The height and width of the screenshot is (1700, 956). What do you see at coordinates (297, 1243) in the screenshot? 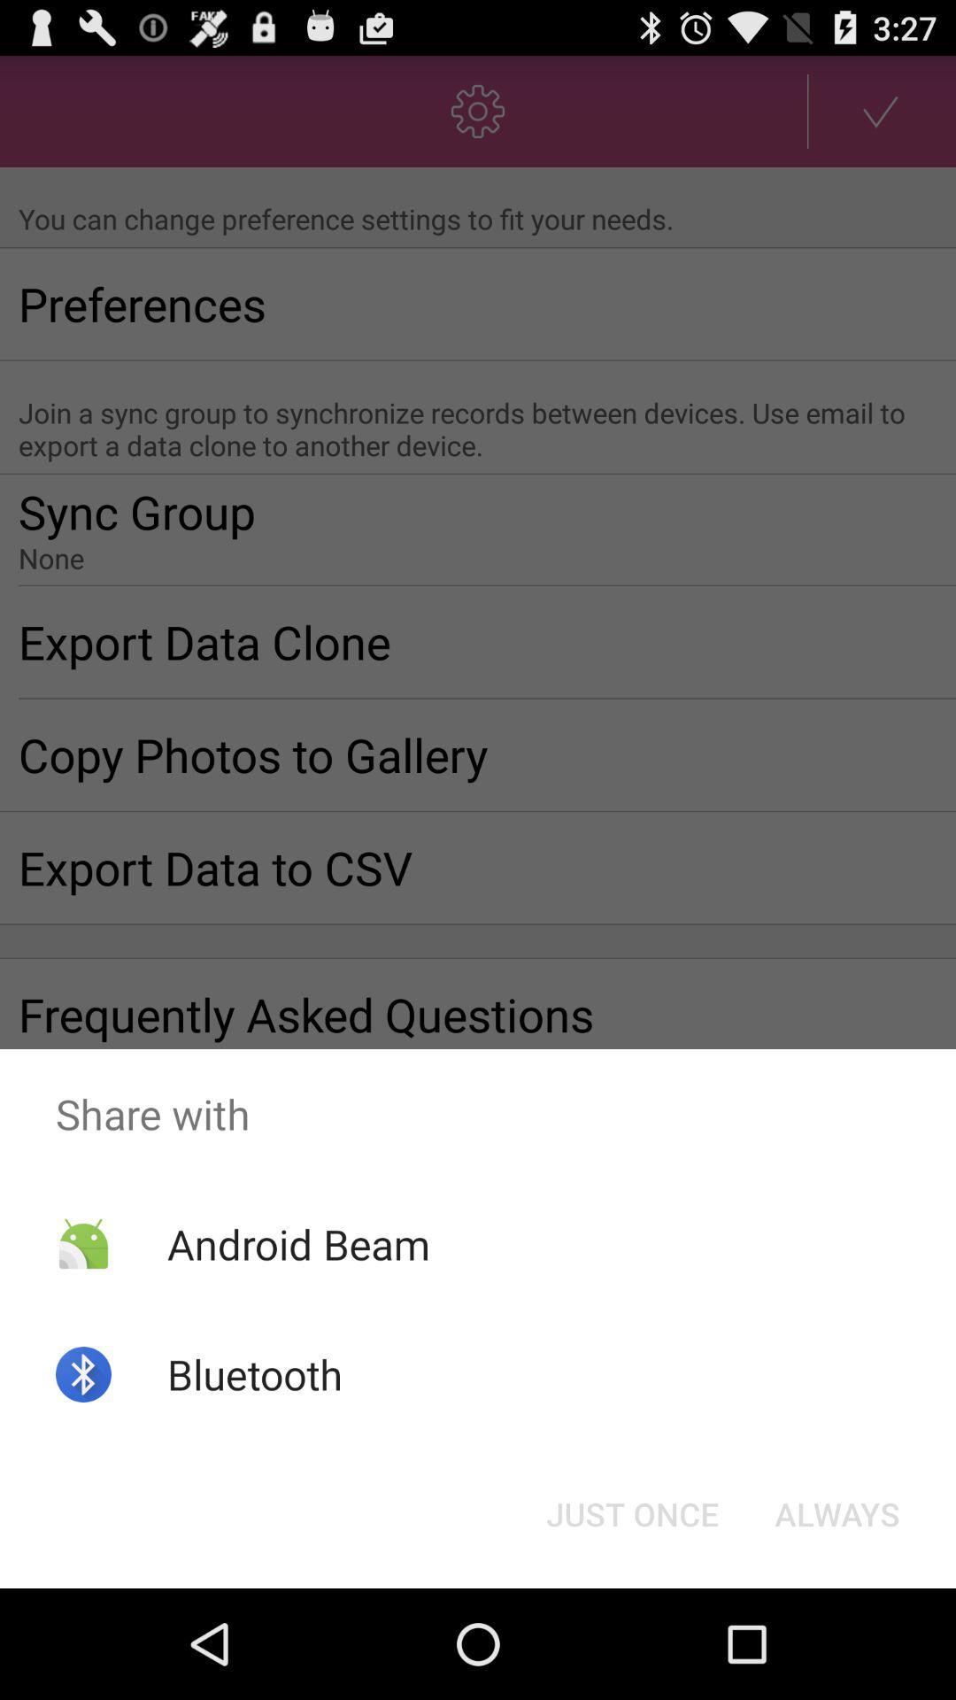
I see `the android beam icon` at bounding box center [297, 1243].